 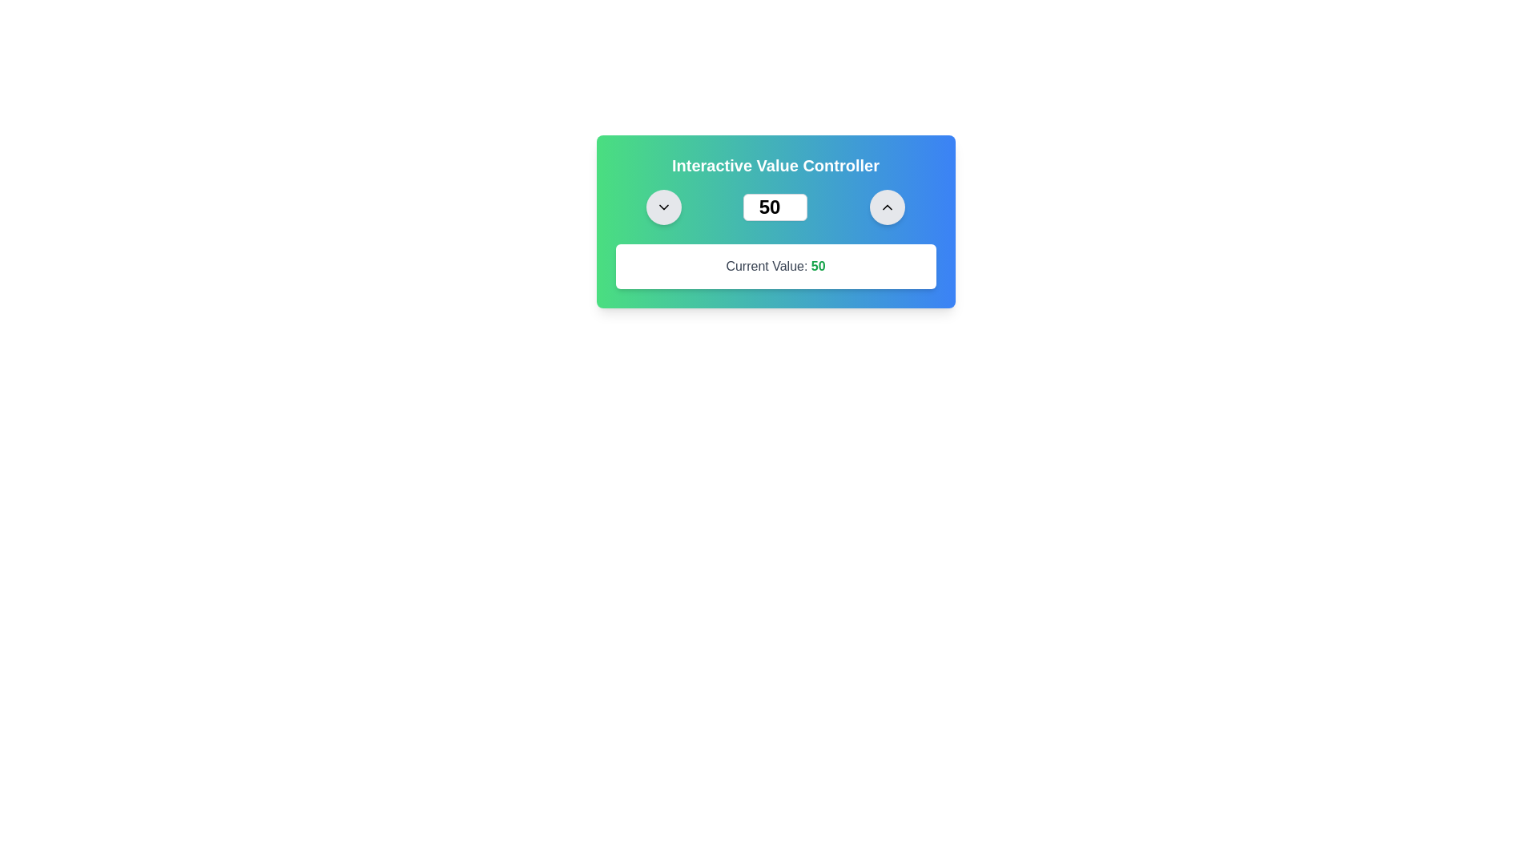 What do you see at coordinates (664, 206) in the screenshot?
I see `the downward-pointing chevron icon located within a circular button on the right side near the top of the panel` at bounding box center [664, 206].